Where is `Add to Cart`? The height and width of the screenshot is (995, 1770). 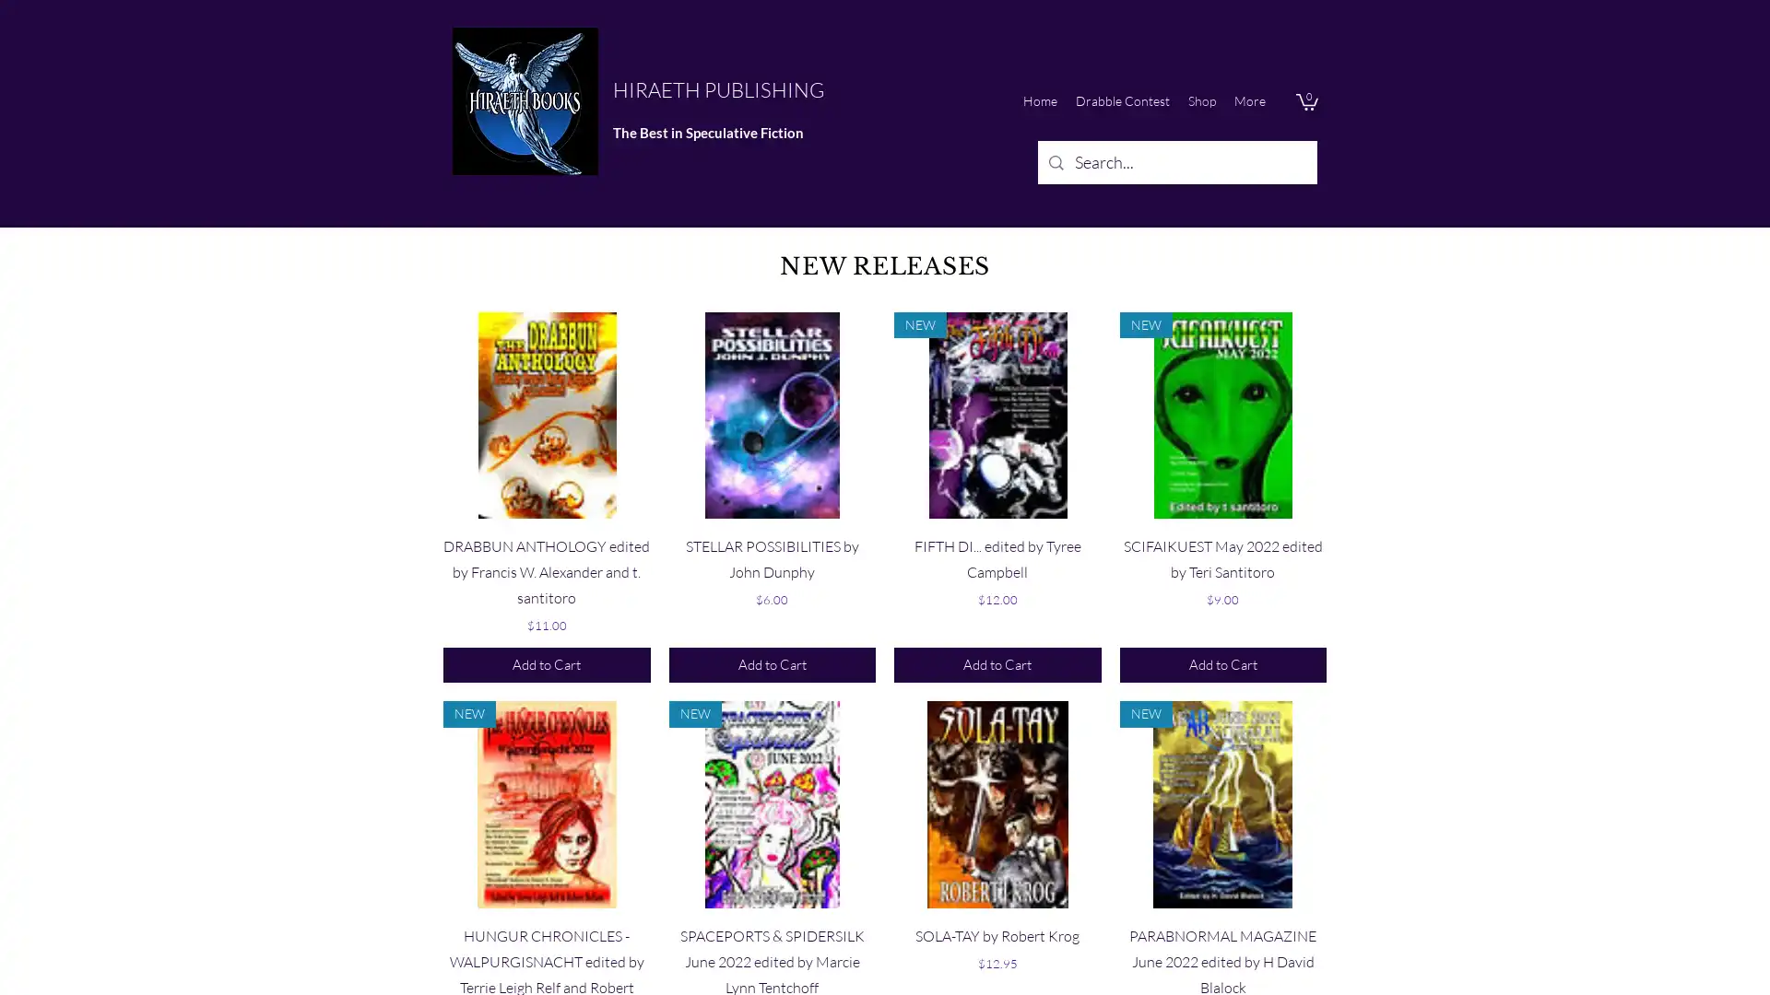
Add to Cart is located at coordinates (996, 664).